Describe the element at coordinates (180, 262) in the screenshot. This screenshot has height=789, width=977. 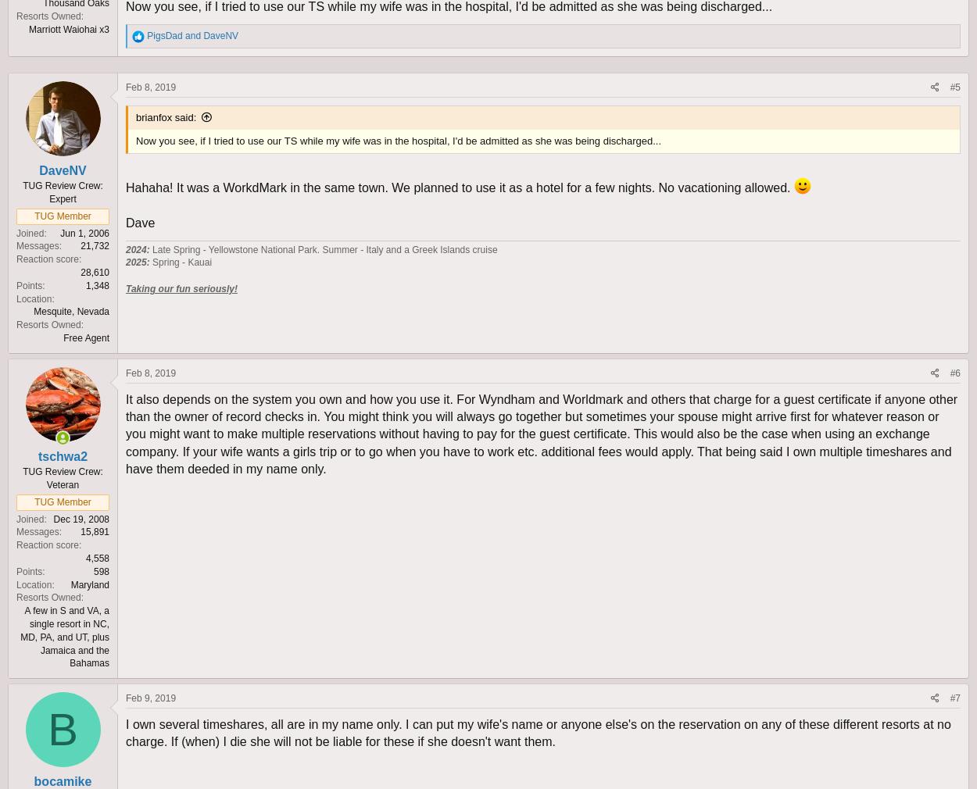
I see `'Spring - Kauai'` at that location.